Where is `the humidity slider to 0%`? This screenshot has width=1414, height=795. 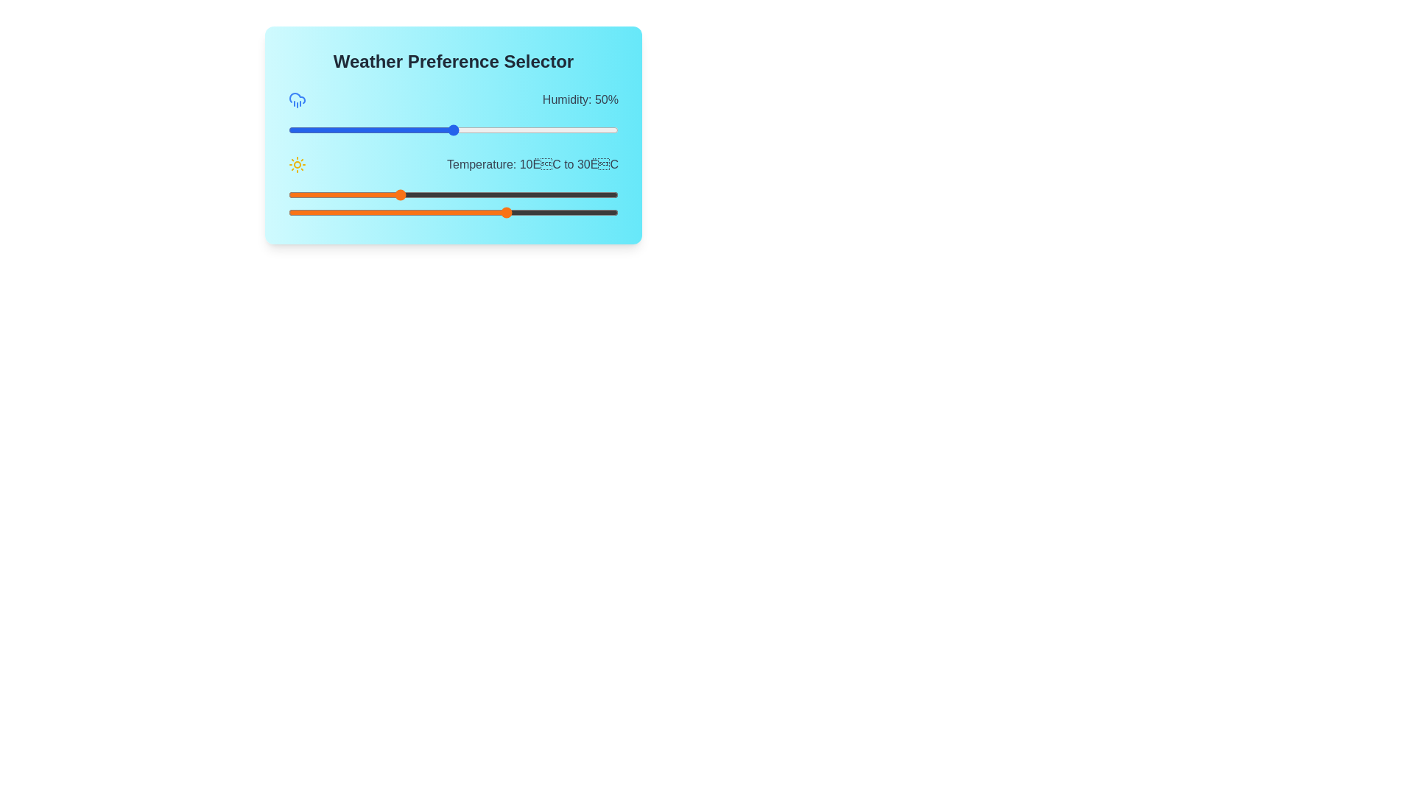
the humidity slider to 0% is located at coordinates (289, 130).